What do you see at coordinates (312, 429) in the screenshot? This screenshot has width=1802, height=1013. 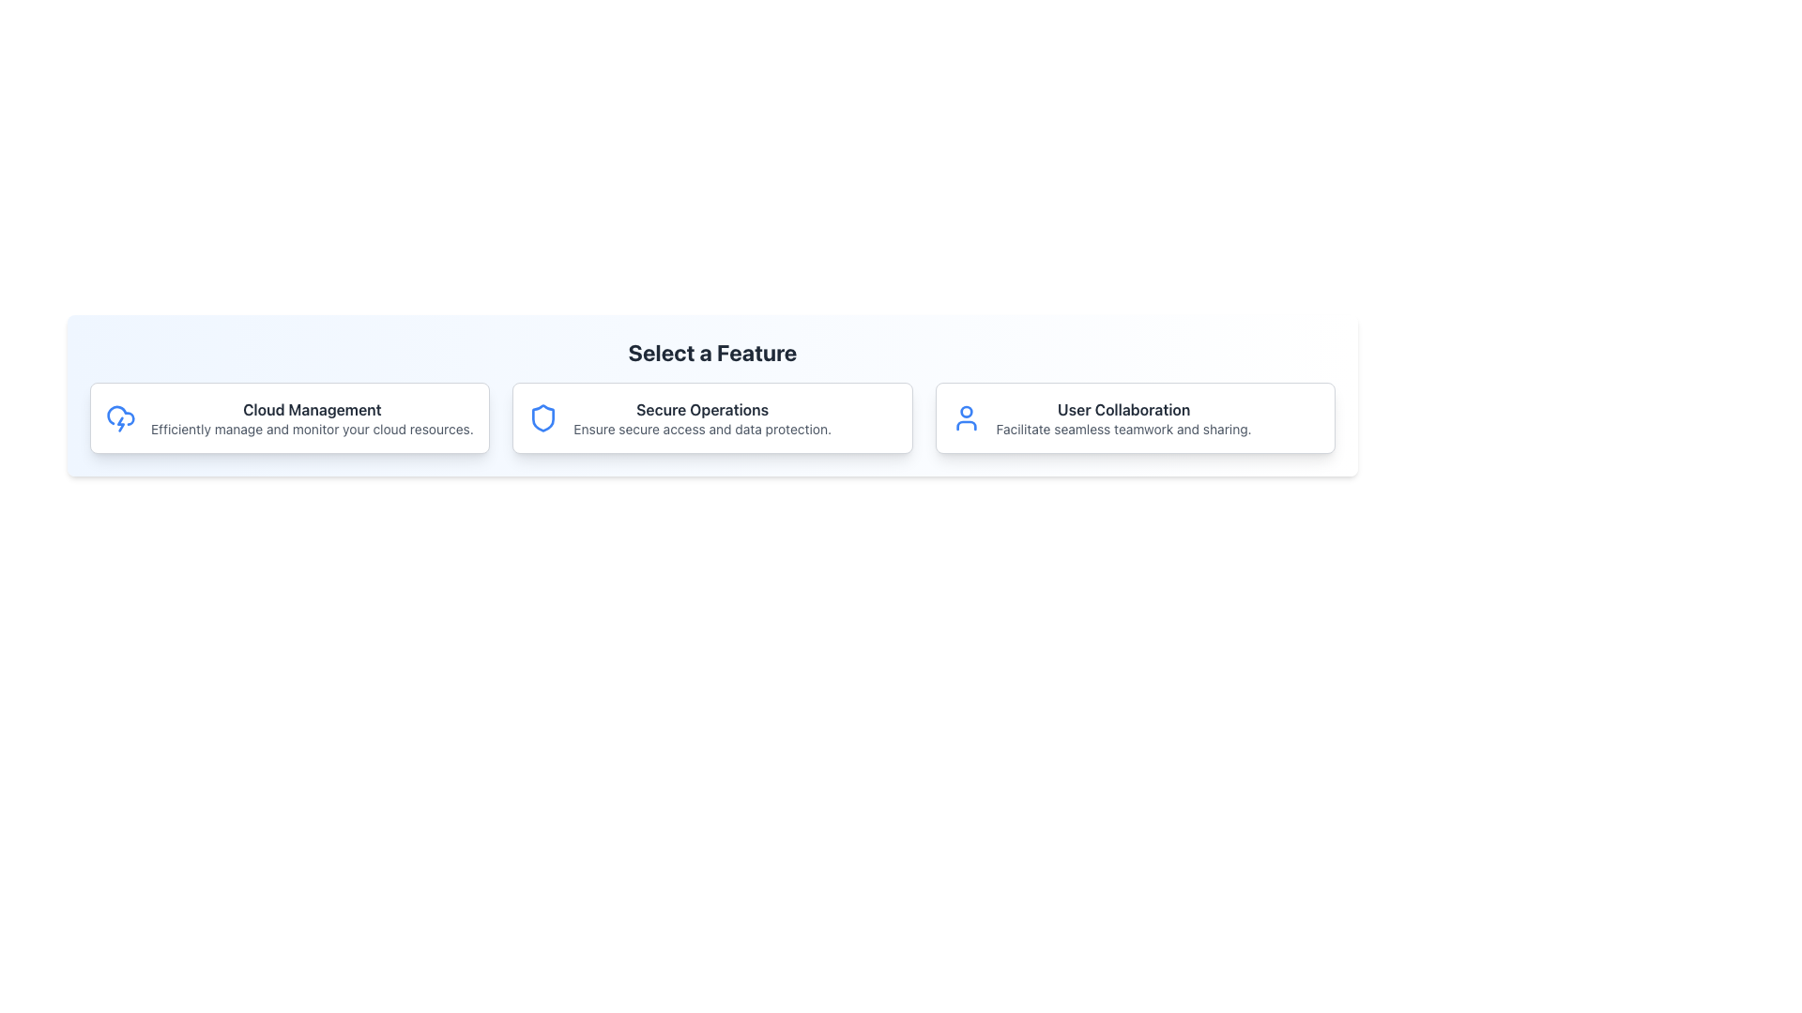 I see `the static text element that serves as a descriptive subtitle for 'Cloud Management', located beneath the title in the leftmost section of the interface` at bounding box center [312, 429].